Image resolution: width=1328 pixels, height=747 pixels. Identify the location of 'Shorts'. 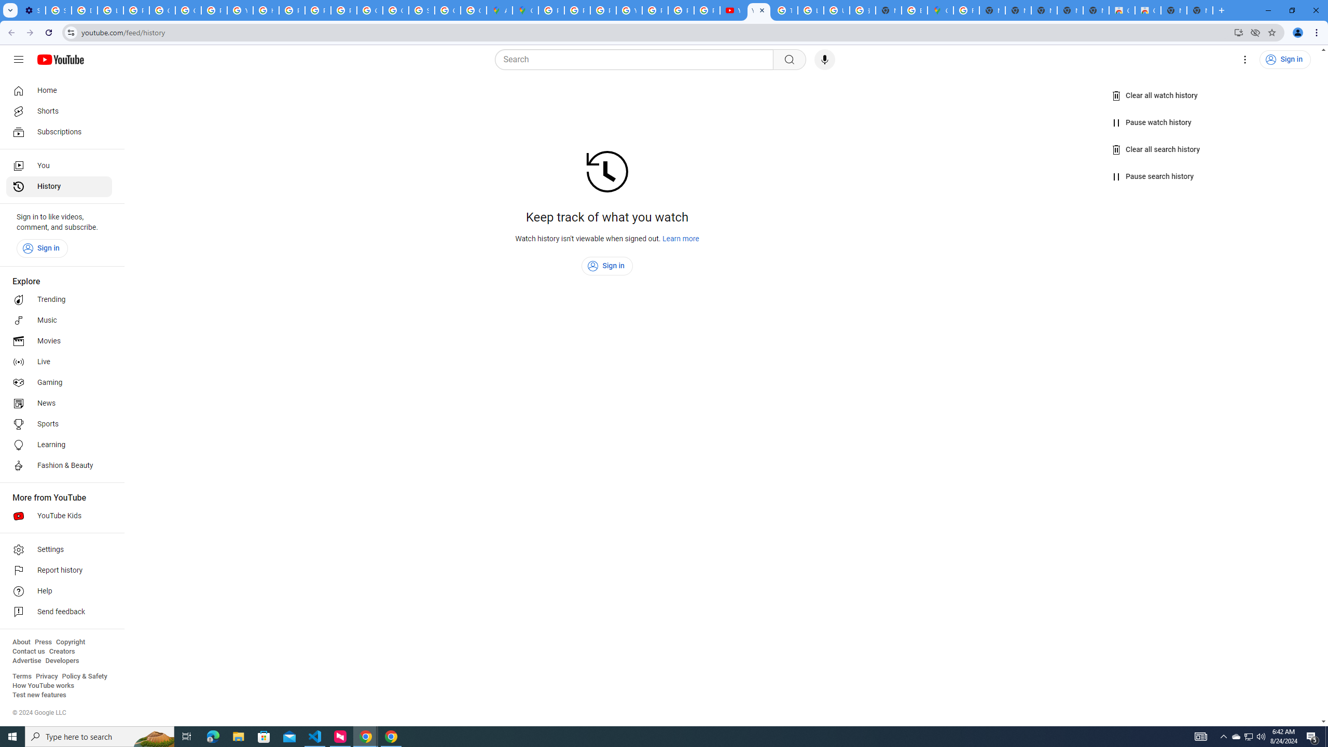
(59, 111).